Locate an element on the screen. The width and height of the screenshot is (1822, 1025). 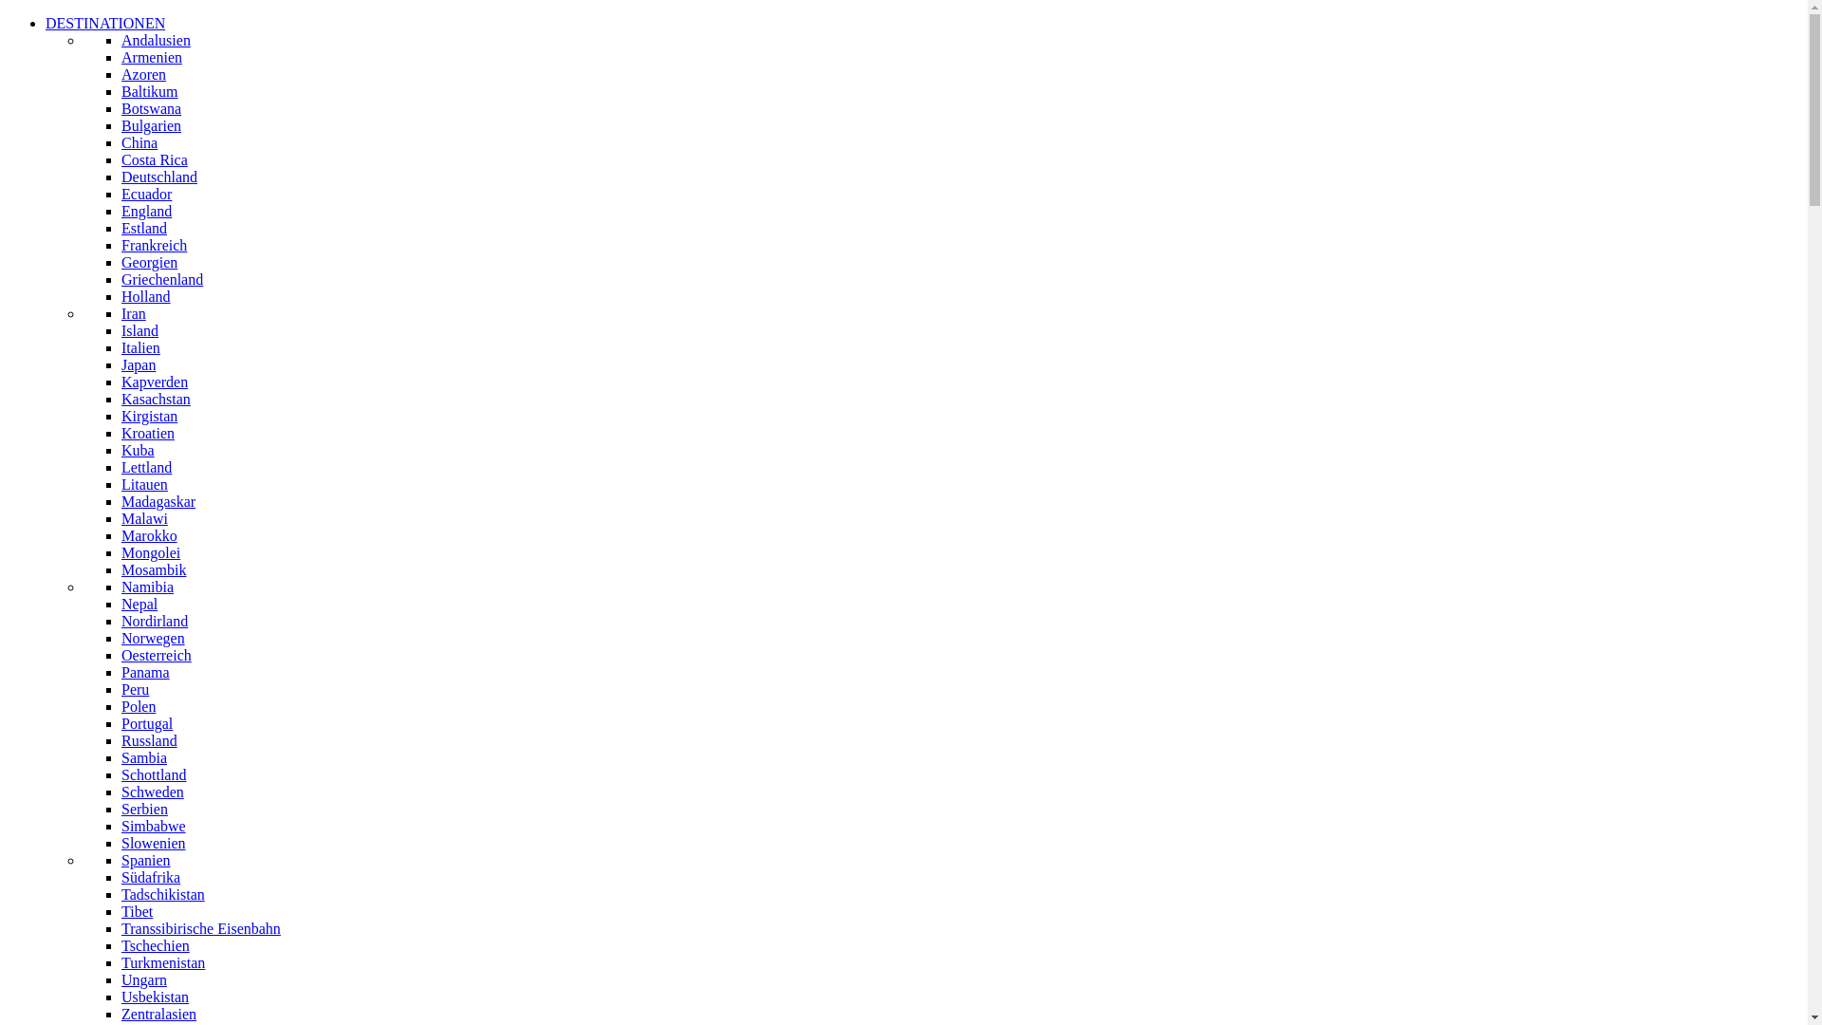
'Schottland' is located at coordinates (121, 774).